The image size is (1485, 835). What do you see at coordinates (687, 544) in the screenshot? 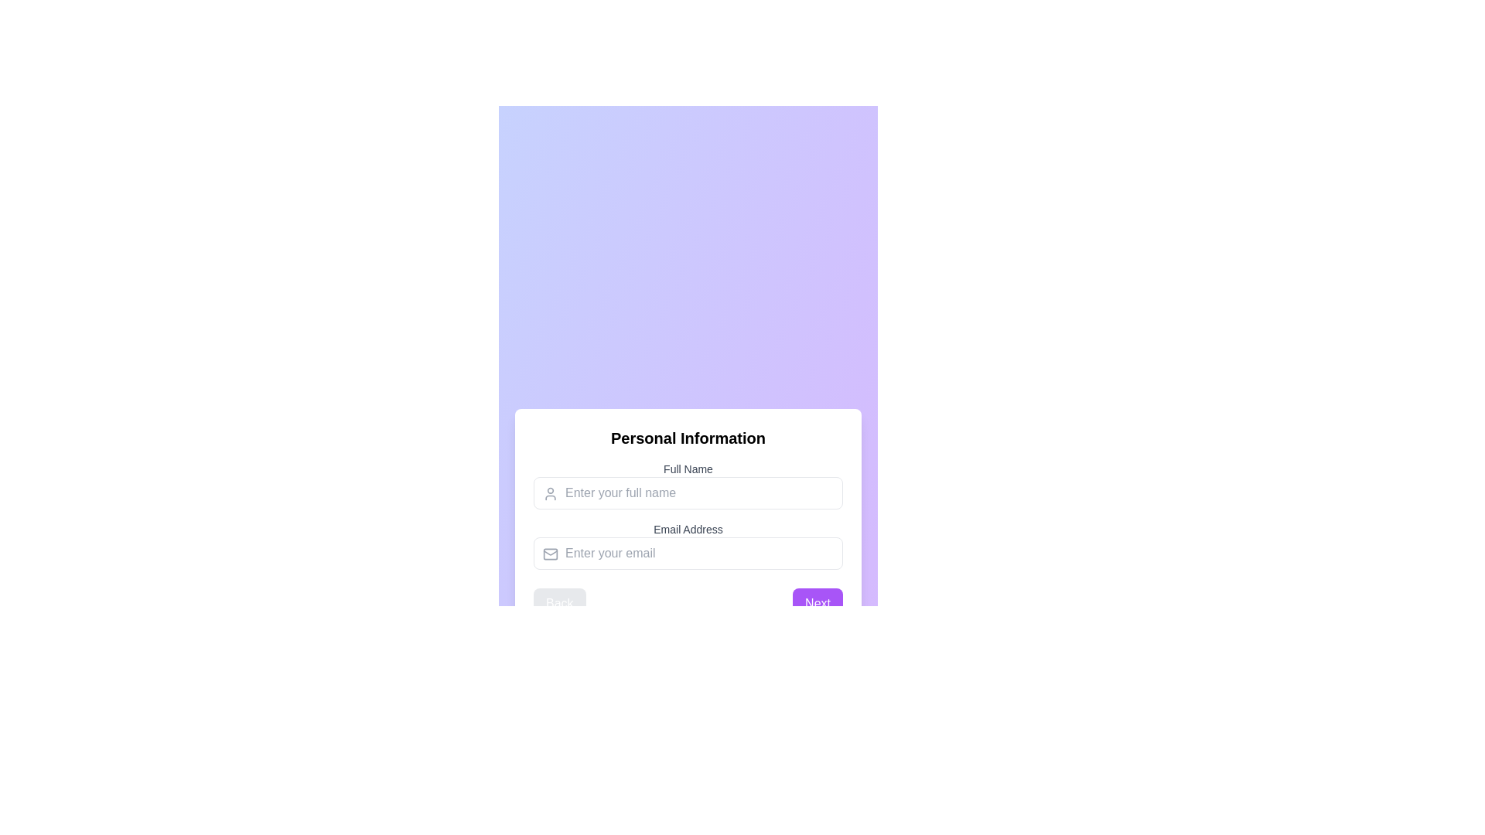
I see `the email input field located below the full name input field in the Personal Information section to focus this field` at bounding box center [687, 544].